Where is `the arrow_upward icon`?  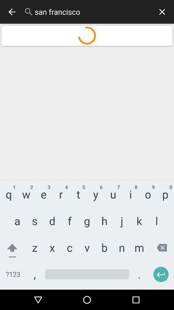
the arrow_upward icon is located at coordinates (14, 243).